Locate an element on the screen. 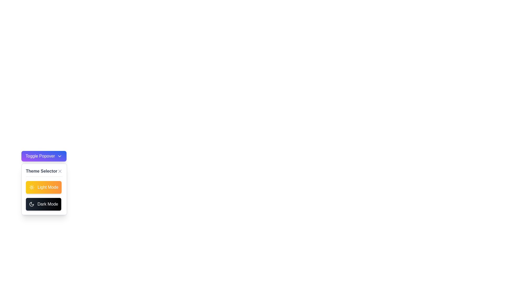  the visual change of the sun icon, which is styled with round edges and radiant lines, during interaction with the 'Light Mode' button located to its right is located at coordinates (31, 187).